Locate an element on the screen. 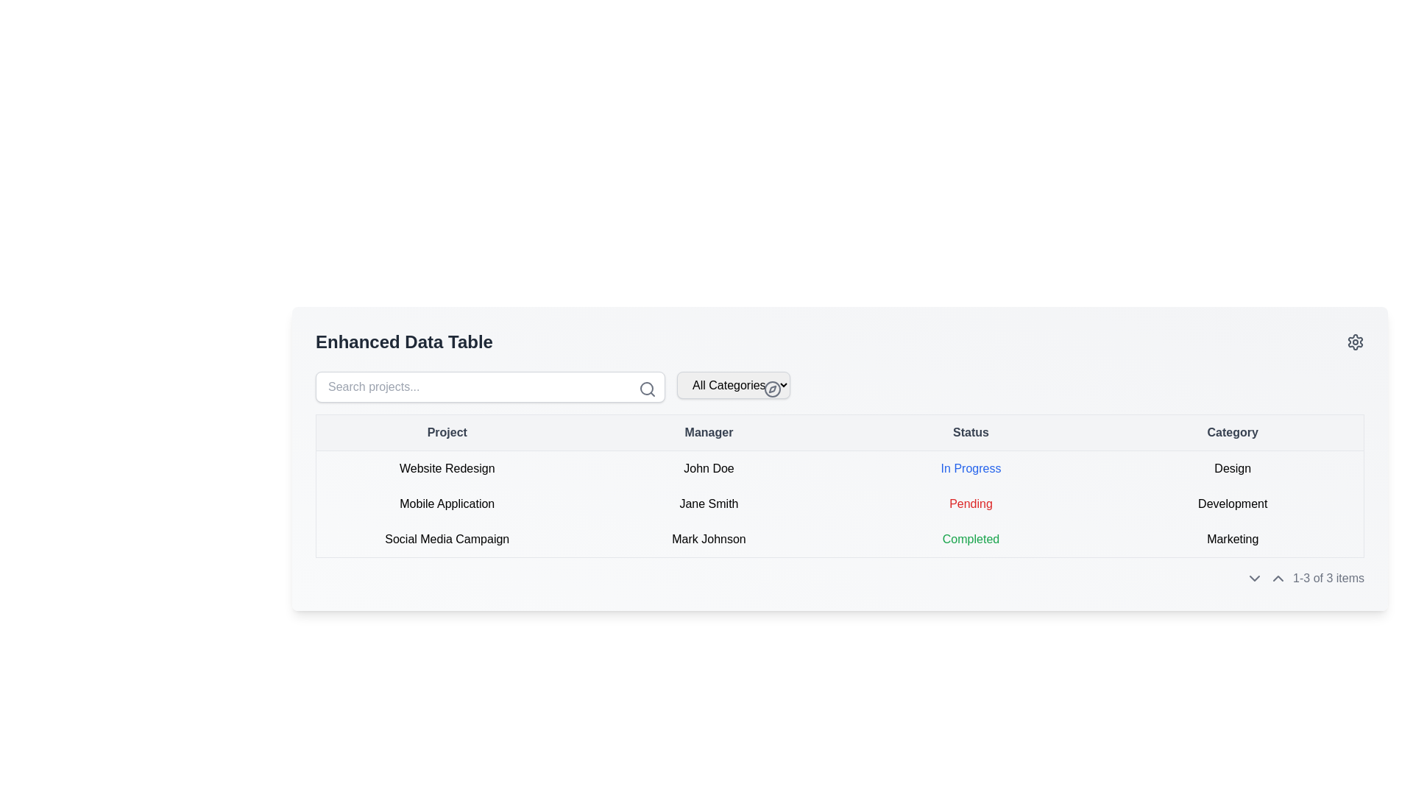  the 'Manager' column title in the TableRowHeader is located at coordinates (840, 431).